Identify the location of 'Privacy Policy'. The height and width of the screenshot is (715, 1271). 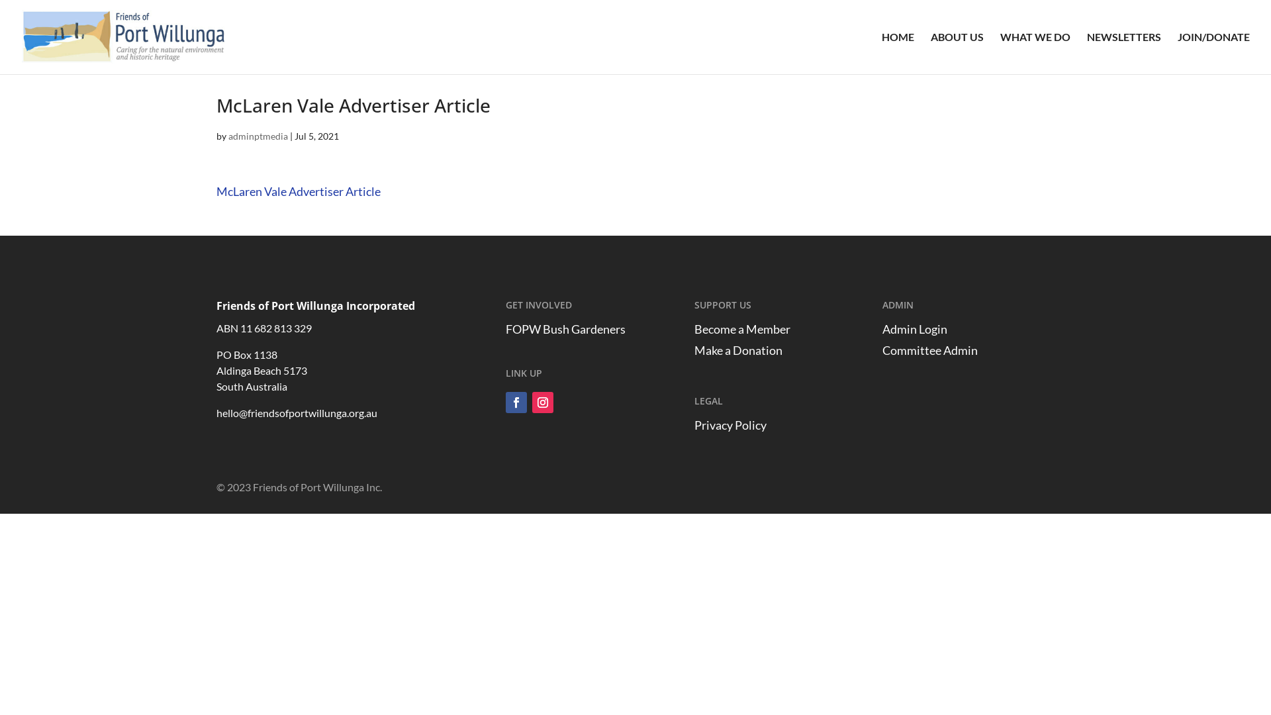
(730, 424).